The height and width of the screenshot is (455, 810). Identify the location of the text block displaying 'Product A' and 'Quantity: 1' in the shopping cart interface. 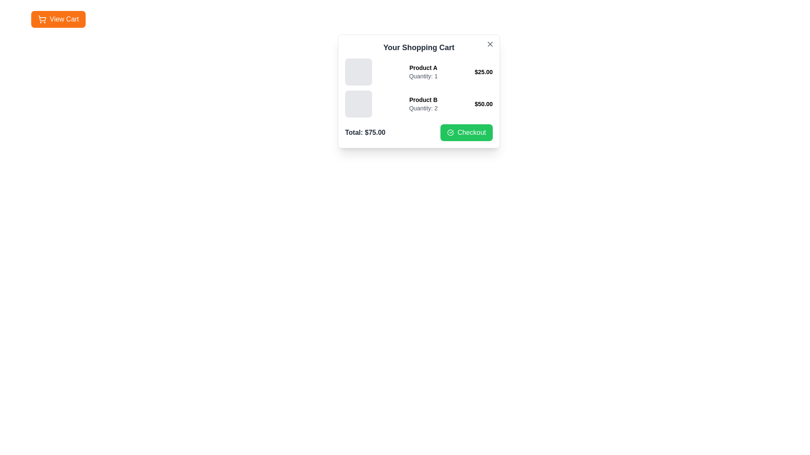
(423, 71).